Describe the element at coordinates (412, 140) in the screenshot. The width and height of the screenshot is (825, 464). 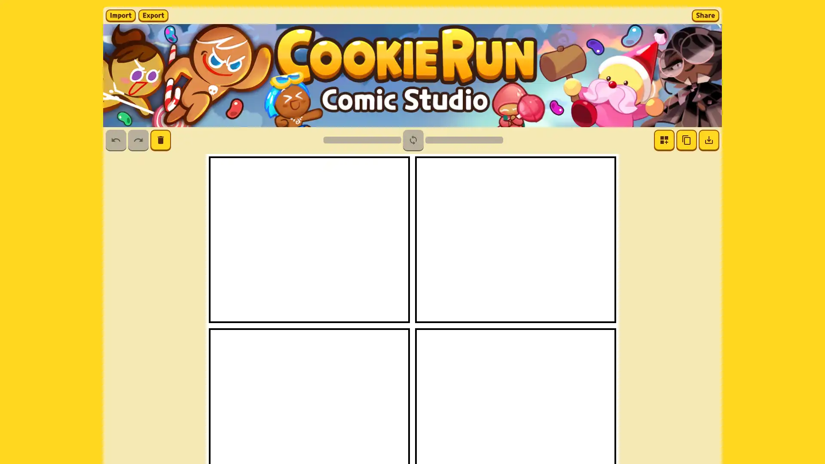
I see `loop` at that location.